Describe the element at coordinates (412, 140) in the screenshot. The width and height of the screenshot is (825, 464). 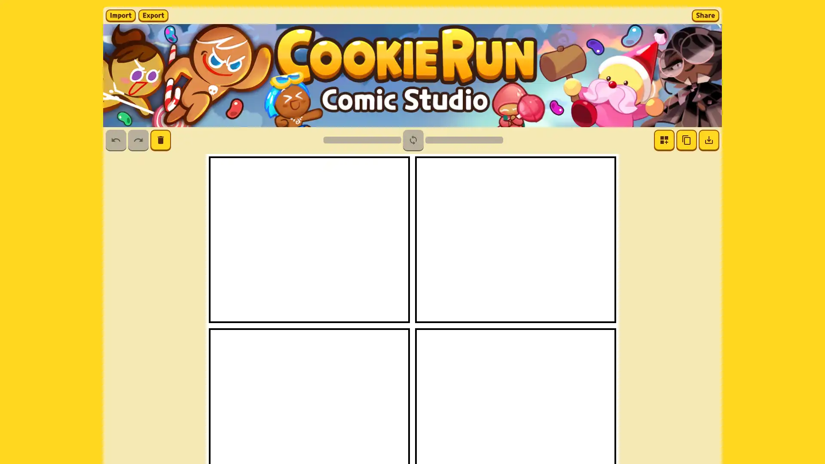
I see `loop` at that location.